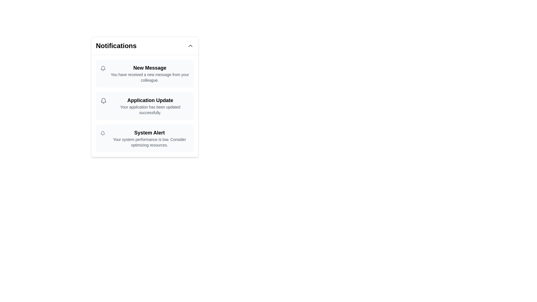 This screenshot has height=302, width=537. I want to click on the text message reading 'Your application has been updated successfully.' located beneath the header 'Application Update' in the notification card, so click(150, 110).